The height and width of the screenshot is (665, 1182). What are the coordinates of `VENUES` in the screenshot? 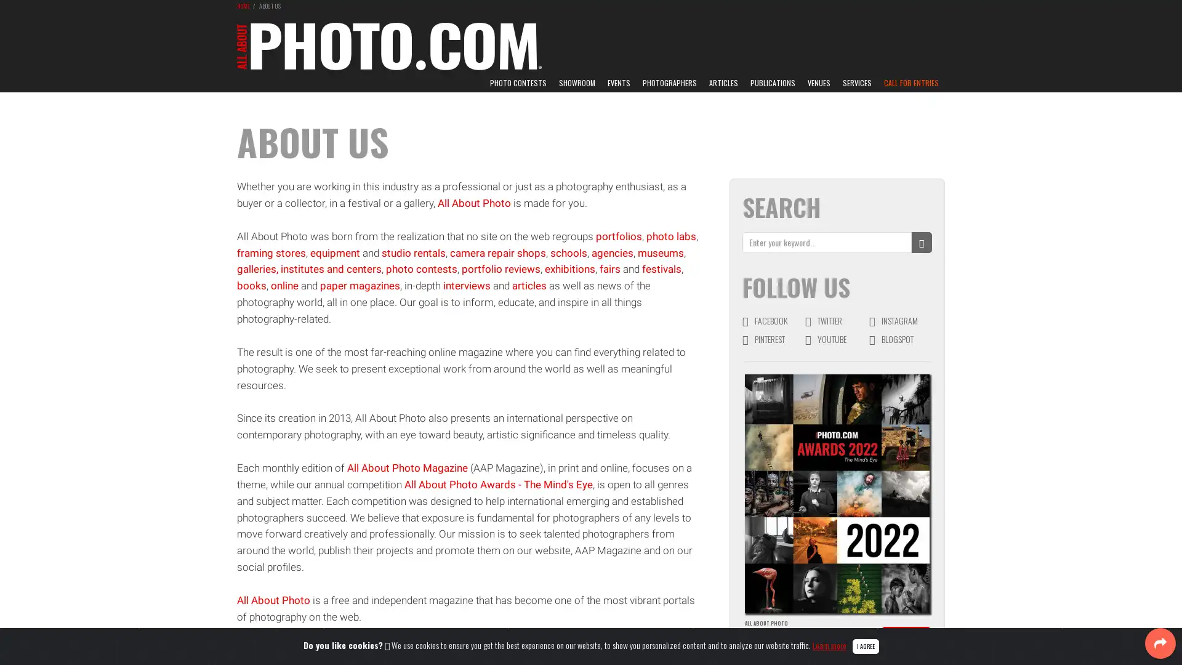 It's located at (819, 83).